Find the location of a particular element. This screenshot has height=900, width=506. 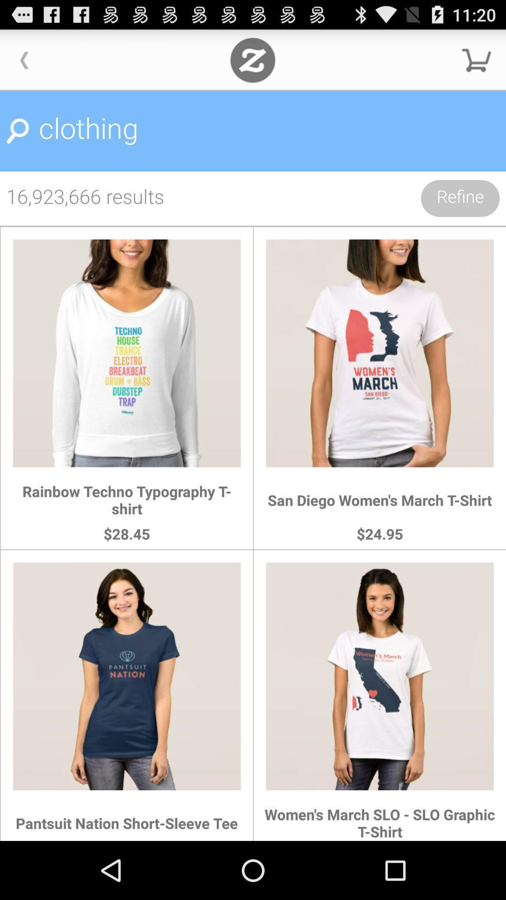

check out is located at coordinates (476, 60).